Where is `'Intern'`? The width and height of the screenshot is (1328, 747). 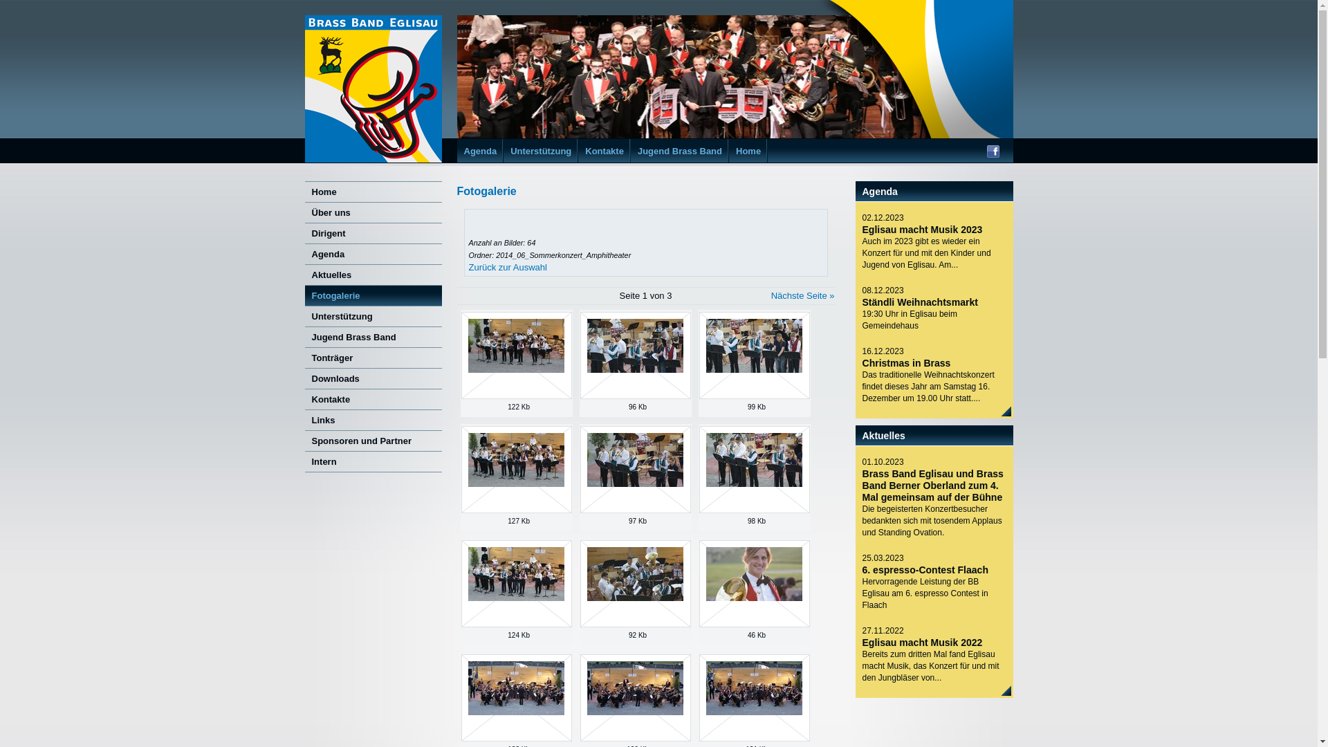
'Intern' is located at coordinates (304, 461).